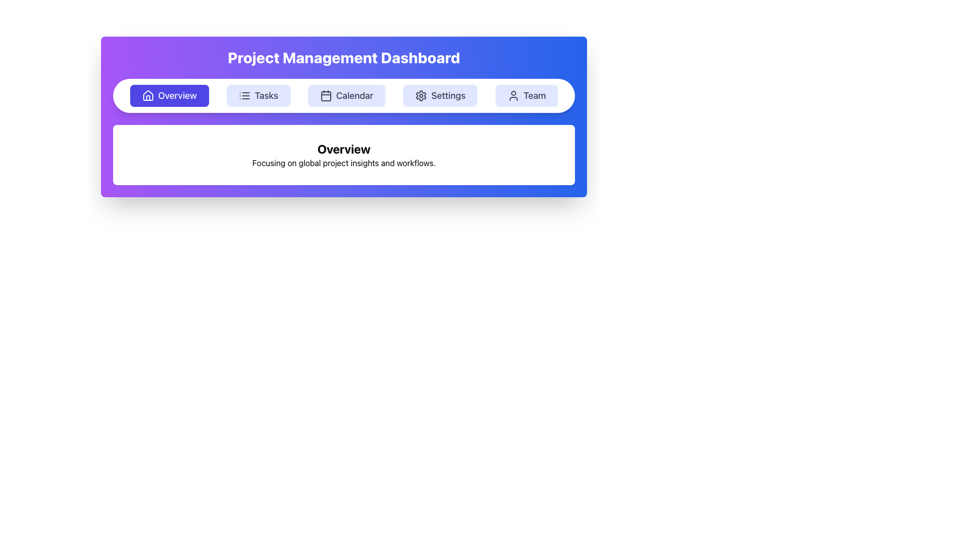  I want to click on the 'Team' icon located within the navigation bar, which is the fourth button from the left, so click(513, 96).